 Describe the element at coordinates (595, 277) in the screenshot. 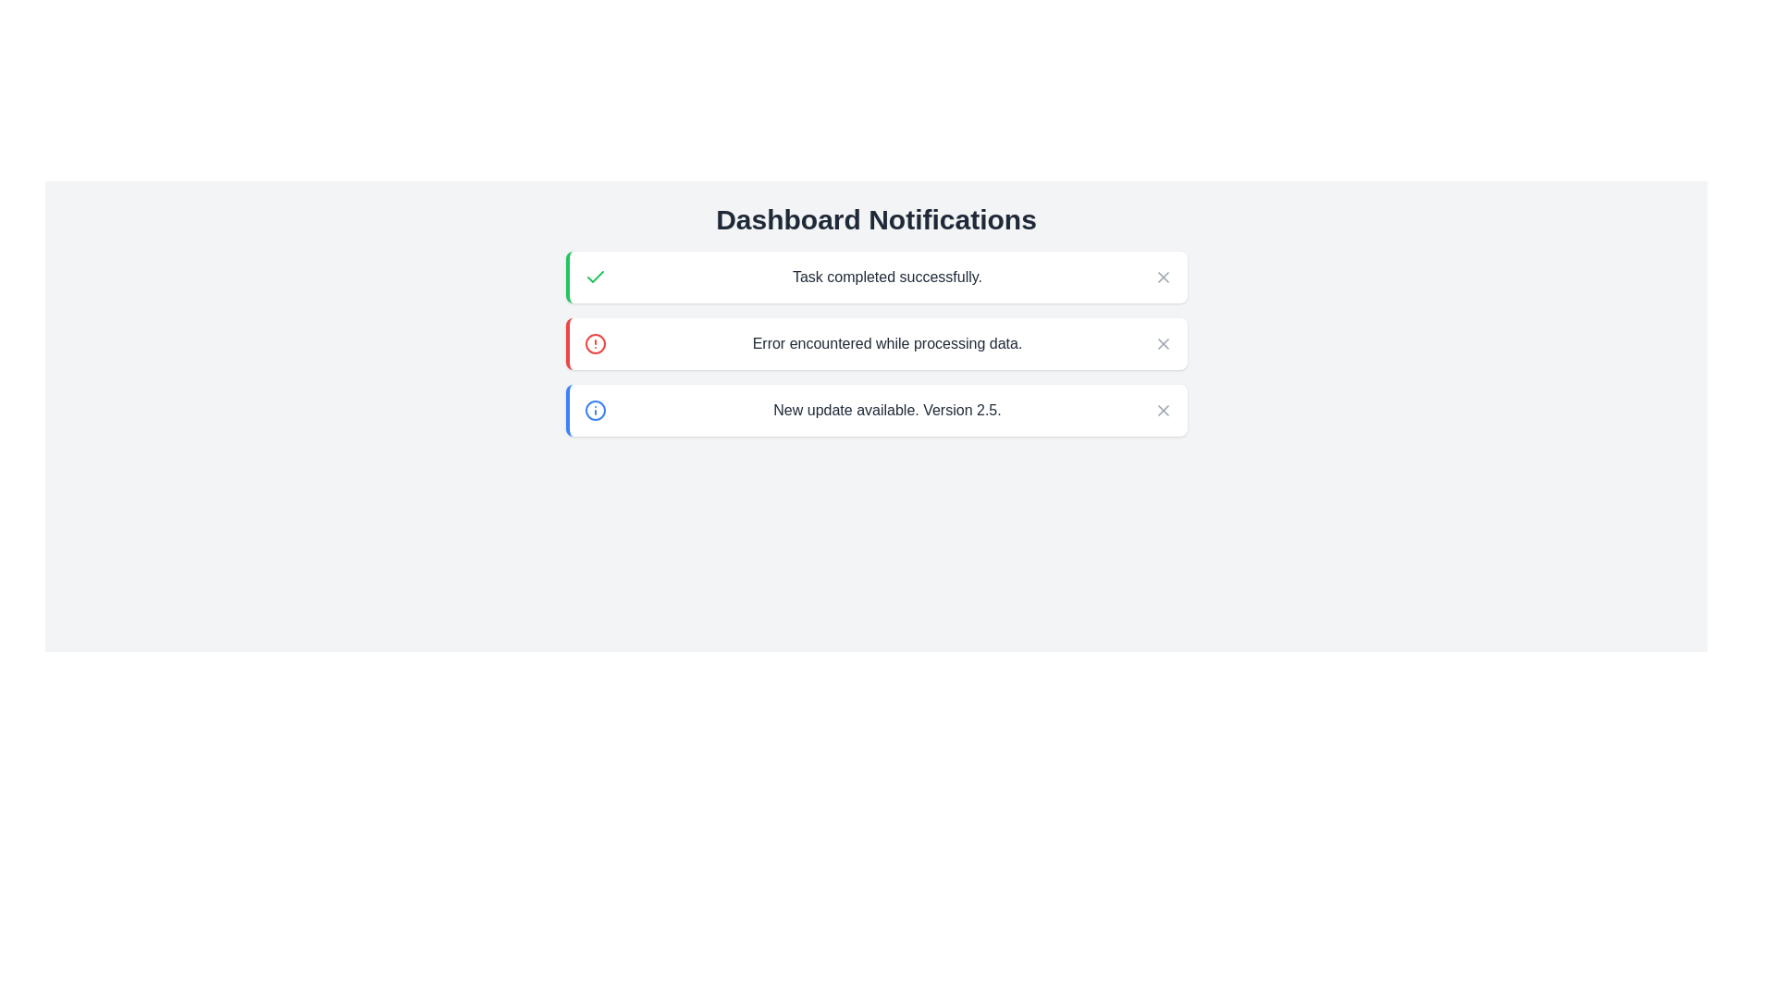

I see `the checkmark icon element, which is part of an SVG graphic with a green stroke, located in the topmost notification row aligned with the text 'Task completed successfully.'` at that location.